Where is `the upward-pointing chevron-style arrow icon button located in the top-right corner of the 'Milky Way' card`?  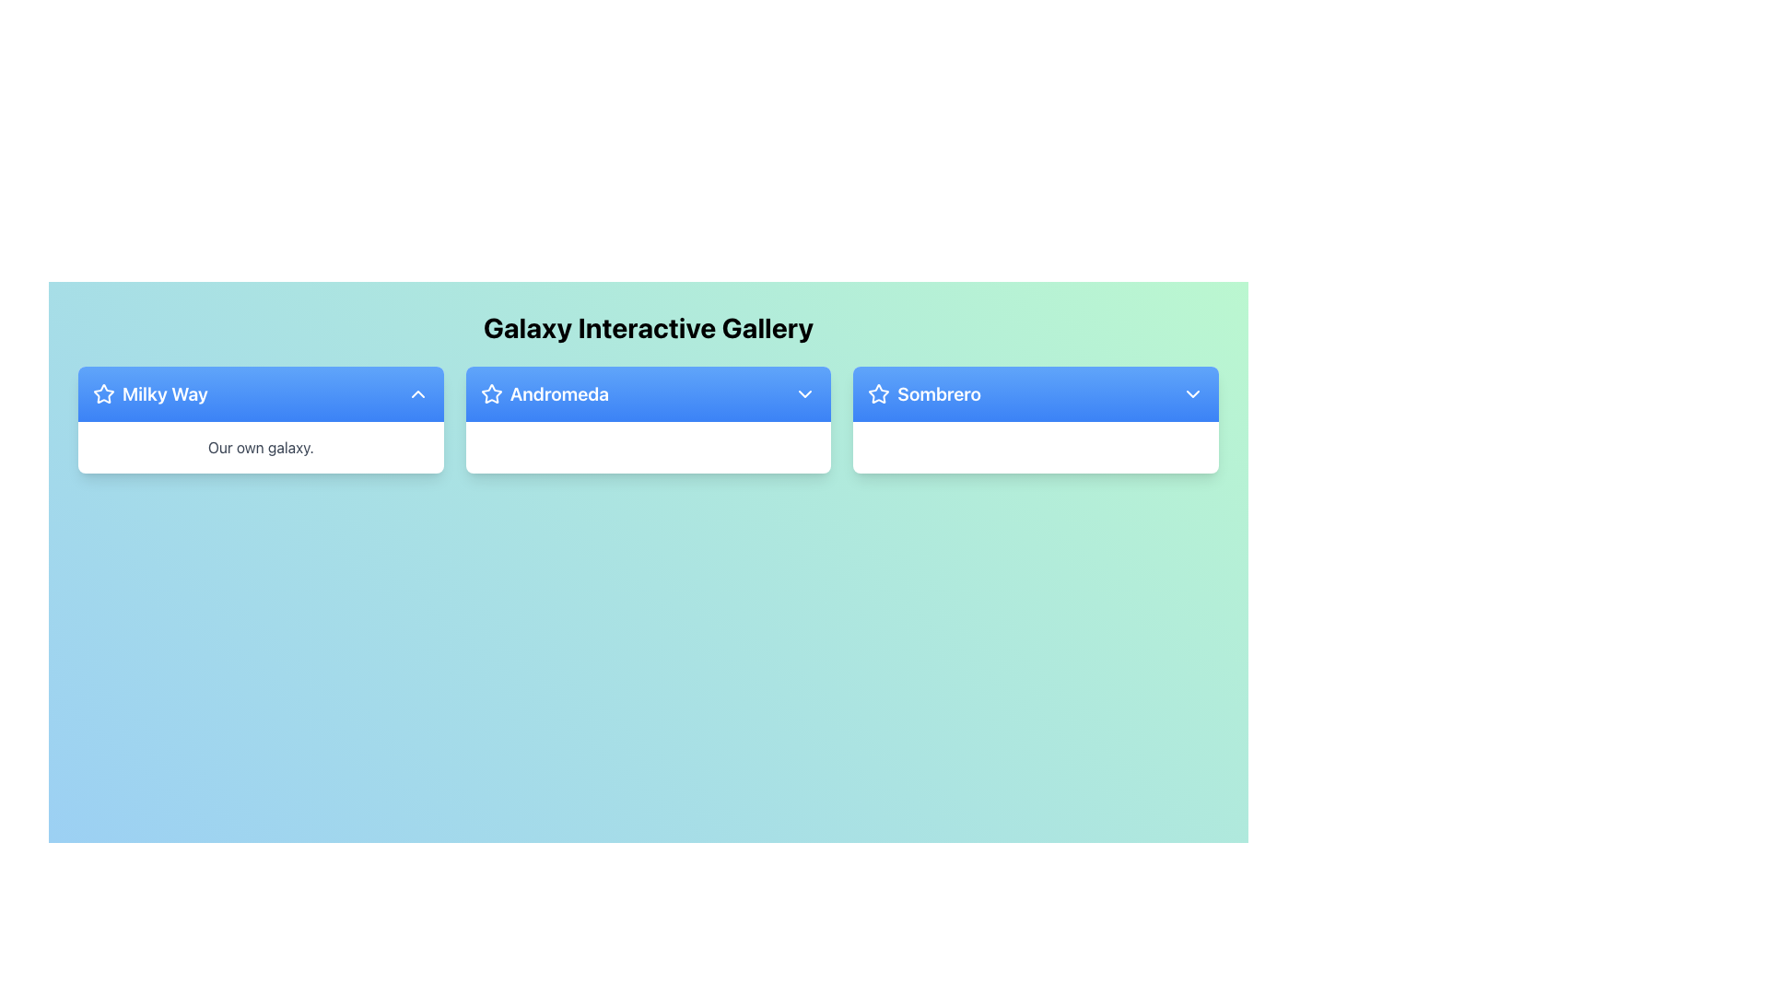 the upward-pointing chevron-style arrow icon button located in the top-right corner of the 'Milky Way' card is located at coordinates (416, 393).